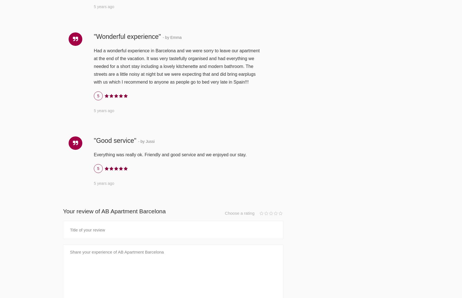 This screenshot has width=462, height=298. Describe the element at coordinates (128, 36) in the screenshot. I see `'"Wonderful experience"'` at that location.